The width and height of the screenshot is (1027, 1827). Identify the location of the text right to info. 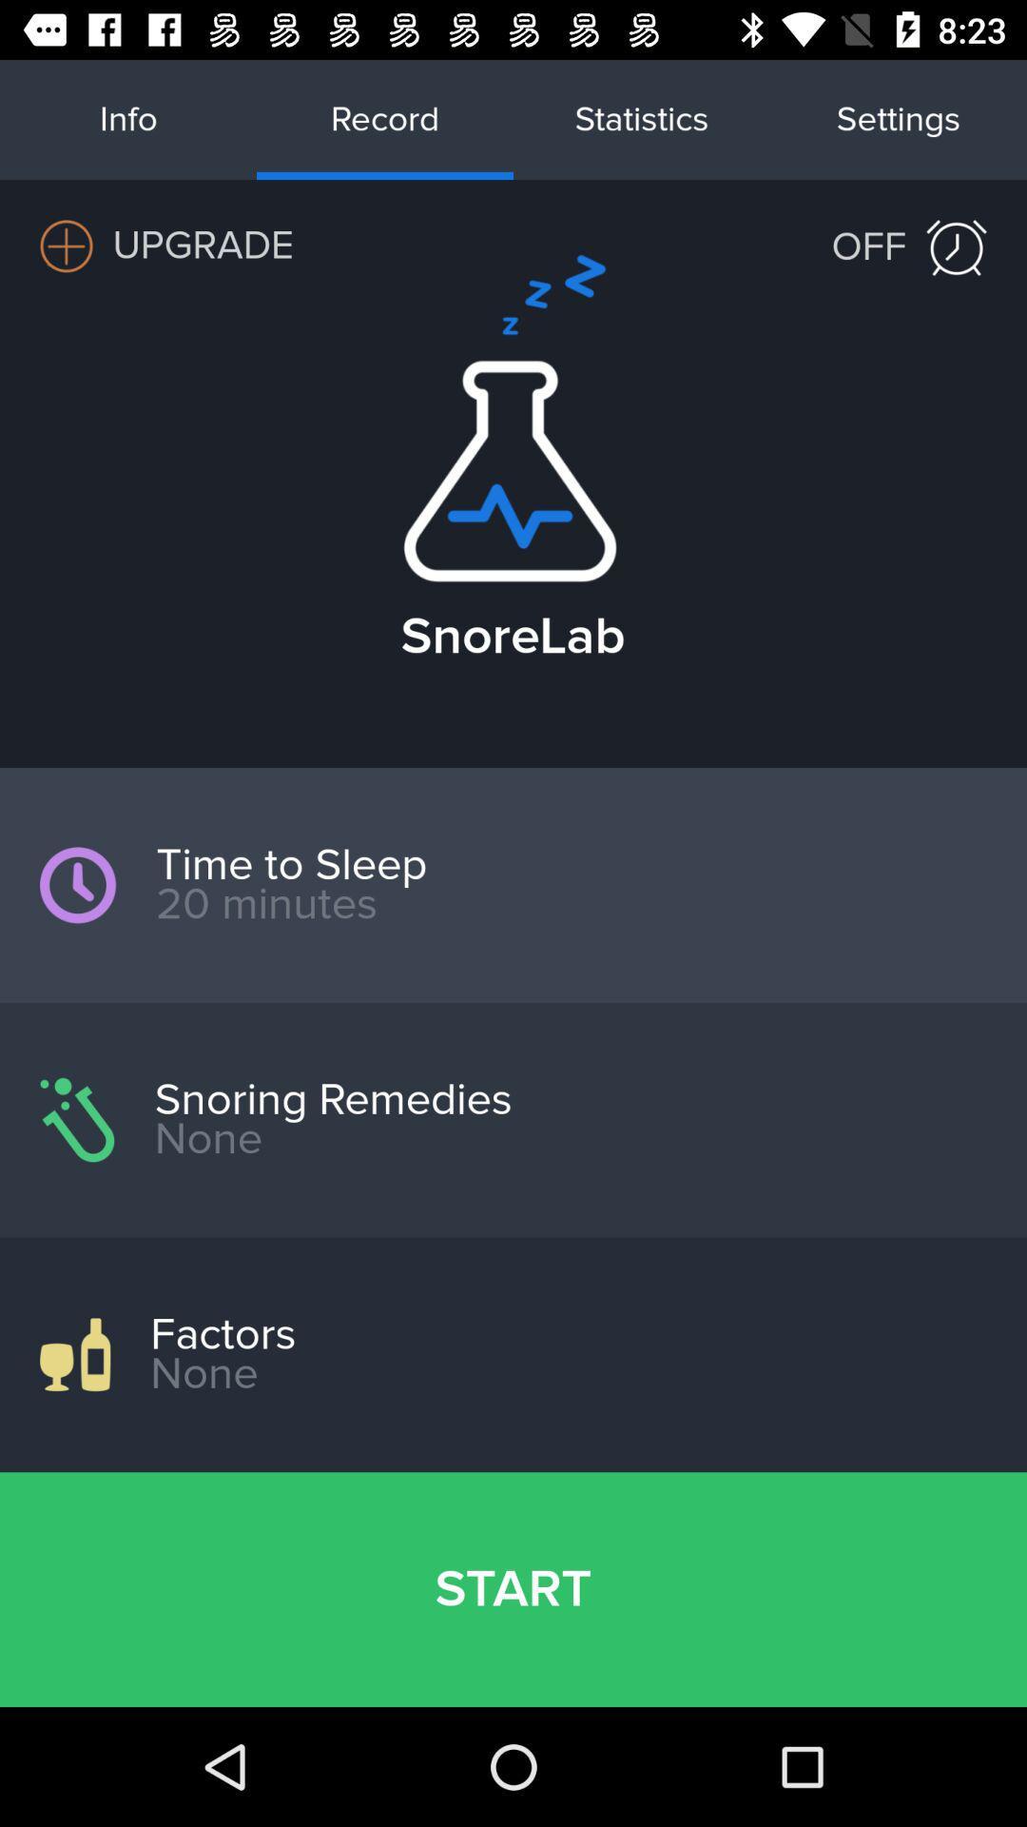
(385, 118).